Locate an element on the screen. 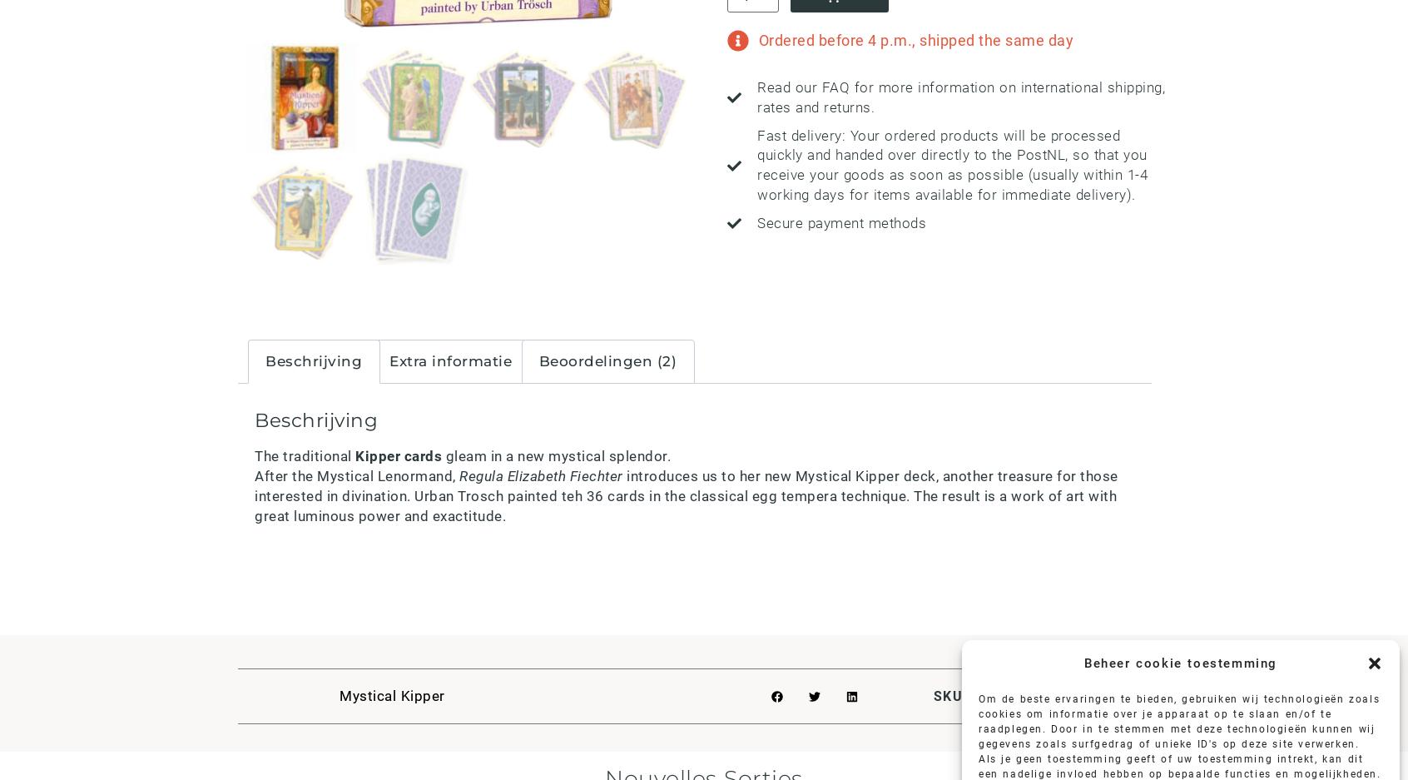 This screenshot has height=780, width=1408. 'Mystical Kipper' is located at coordinates (391, 695).